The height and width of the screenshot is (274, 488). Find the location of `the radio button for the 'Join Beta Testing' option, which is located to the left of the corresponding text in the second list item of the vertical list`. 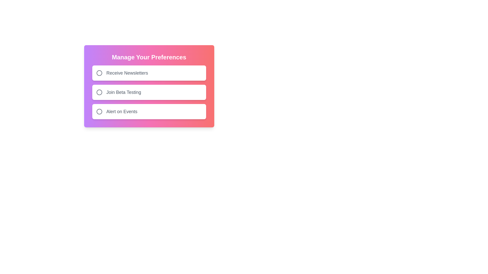

the radio button for the 'Join Beta Testing' option, which is located to the left of the corresponding text in the second list item of the vertical list is located at coordinates (99, 92).